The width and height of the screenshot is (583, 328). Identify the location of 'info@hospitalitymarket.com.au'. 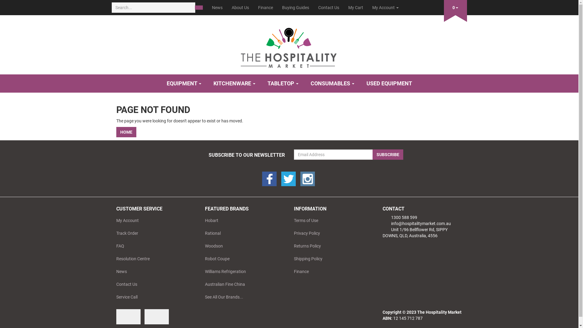
(382, 224).